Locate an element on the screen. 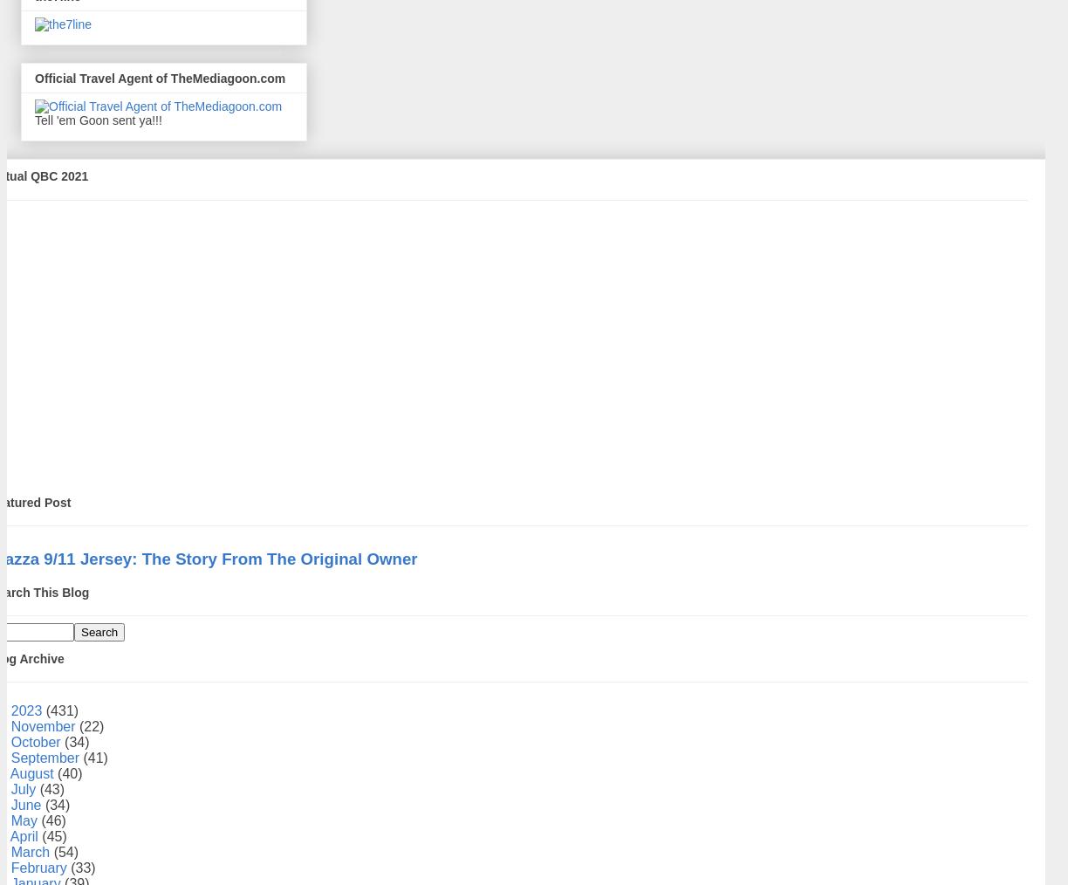  'March' is located at coordinates (31, 851).